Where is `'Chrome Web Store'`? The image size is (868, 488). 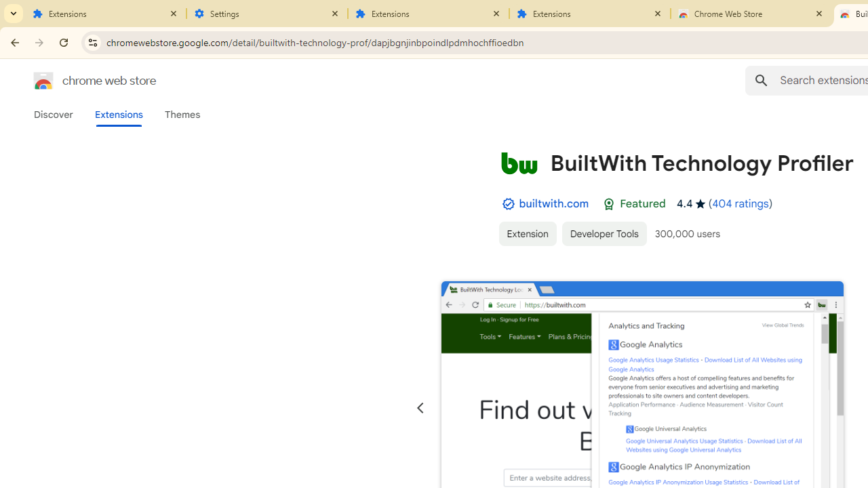 'Chrome Web Store' is located at coordinates (751, 14).